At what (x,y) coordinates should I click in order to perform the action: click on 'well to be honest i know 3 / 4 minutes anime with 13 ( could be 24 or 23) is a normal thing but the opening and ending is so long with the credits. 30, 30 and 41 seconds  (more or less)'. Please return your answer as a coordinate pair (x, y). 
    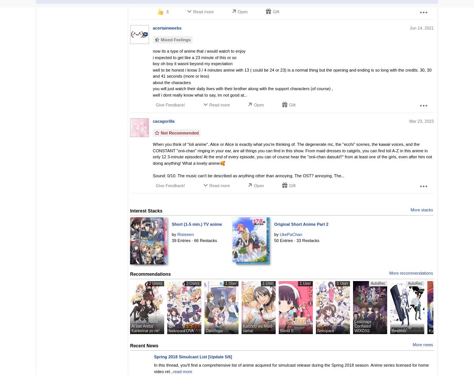
    Looking at the image, I should click on (292, 73).